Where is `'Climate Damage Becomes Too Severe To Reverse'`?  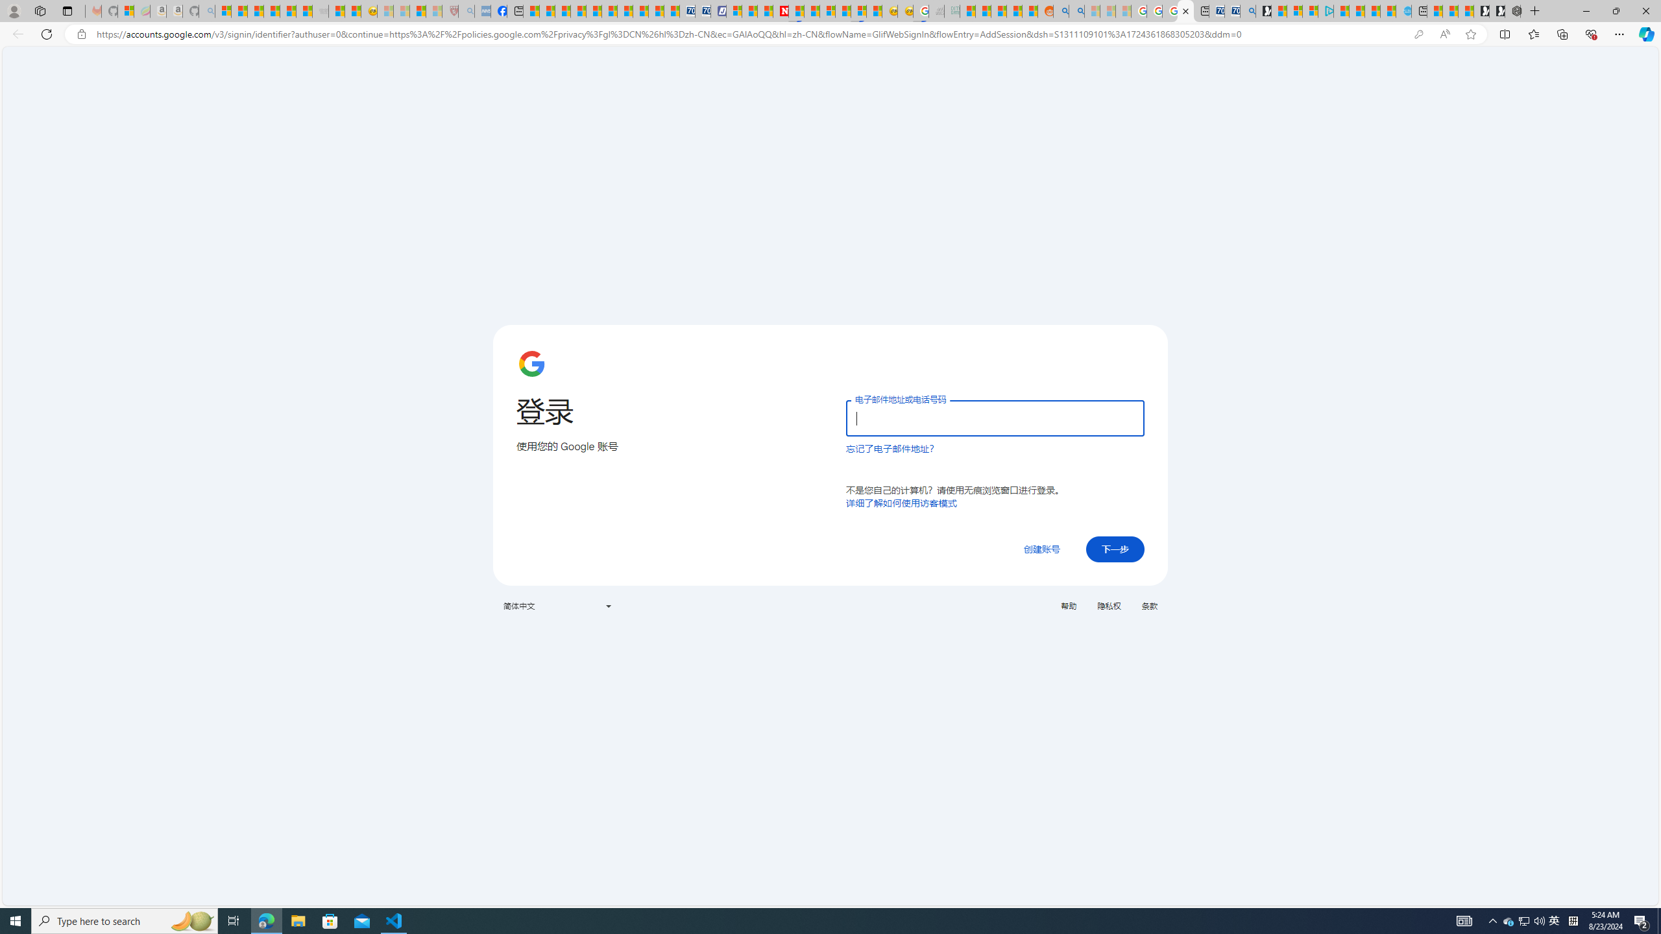
'Climate Damage Becomes Too Severe To Reverse' is located at coordinates (577, 10).